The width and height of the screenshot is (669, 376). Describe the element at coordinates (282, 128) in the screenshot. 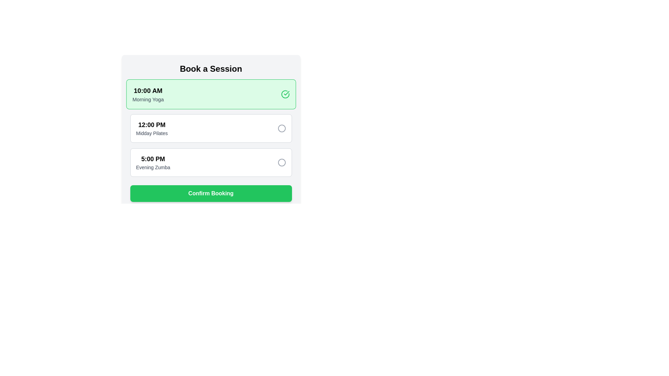

I see `the circular radio button located on the right side of the interface next to '12:00 PM - Midday Pilates'` at that location.